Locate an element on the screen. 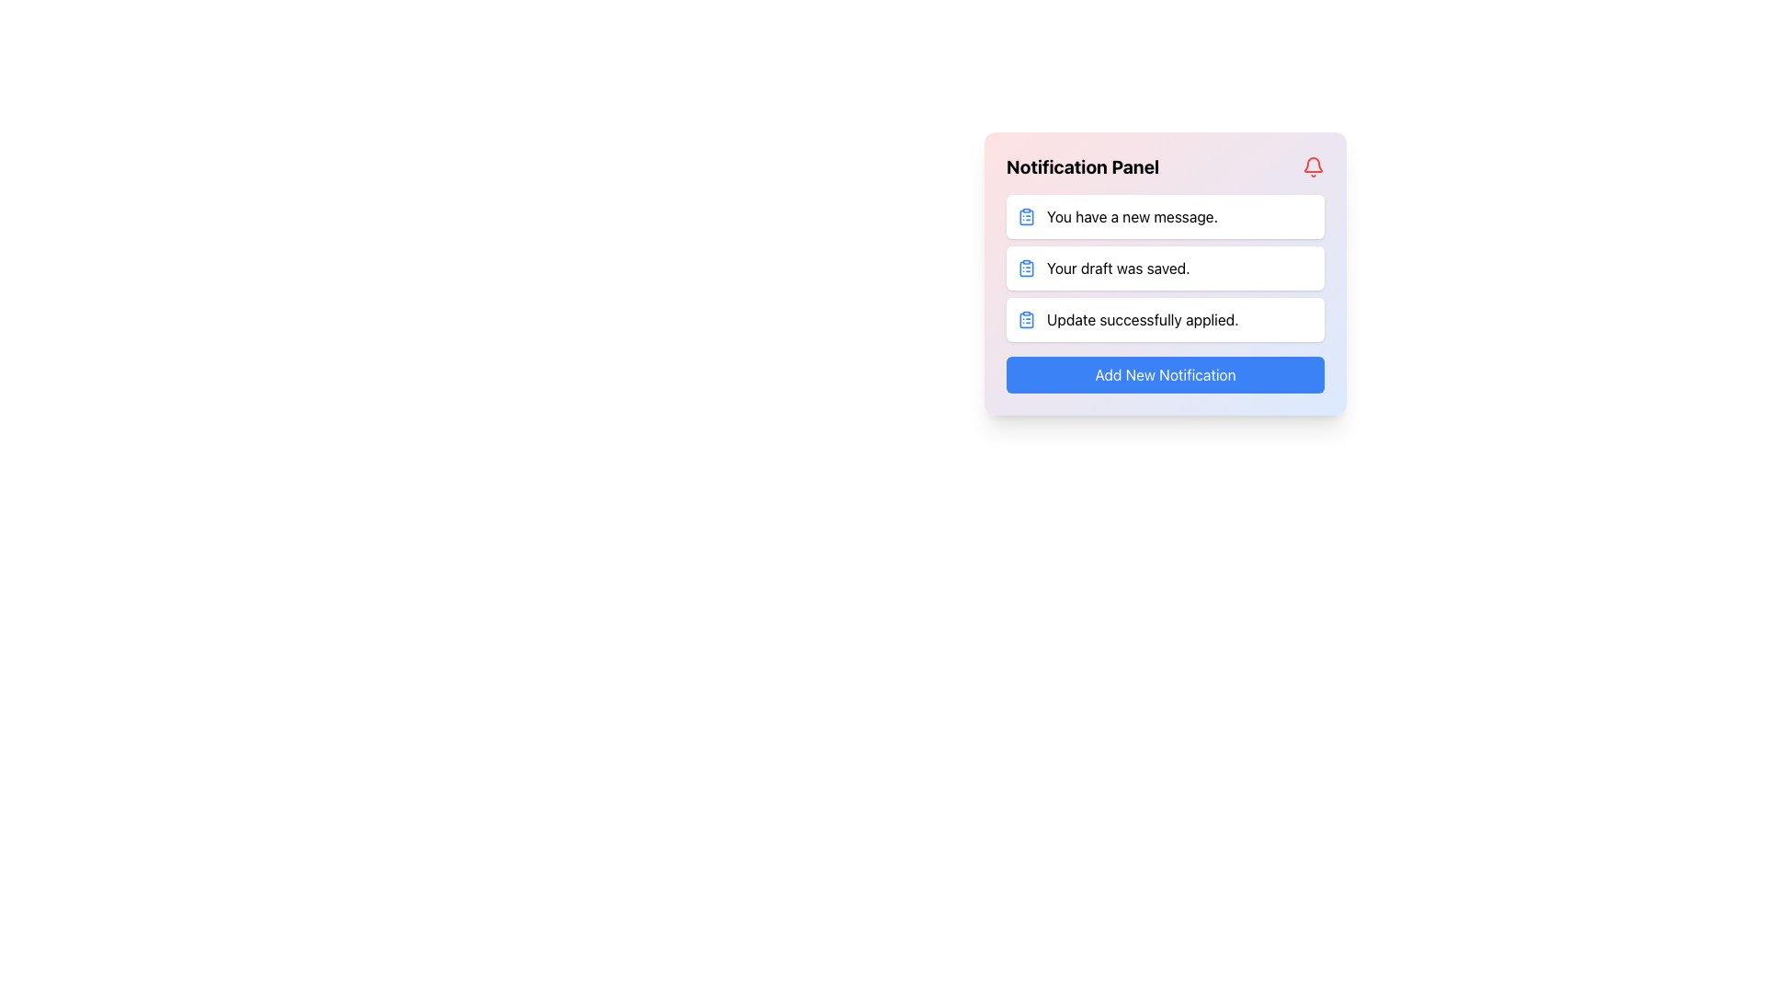  the notification icon located at the topmost notification item in the Notification Panel, which is positioned to the left of the text 'You have a new message.' is located at coordinates (1026, 215).